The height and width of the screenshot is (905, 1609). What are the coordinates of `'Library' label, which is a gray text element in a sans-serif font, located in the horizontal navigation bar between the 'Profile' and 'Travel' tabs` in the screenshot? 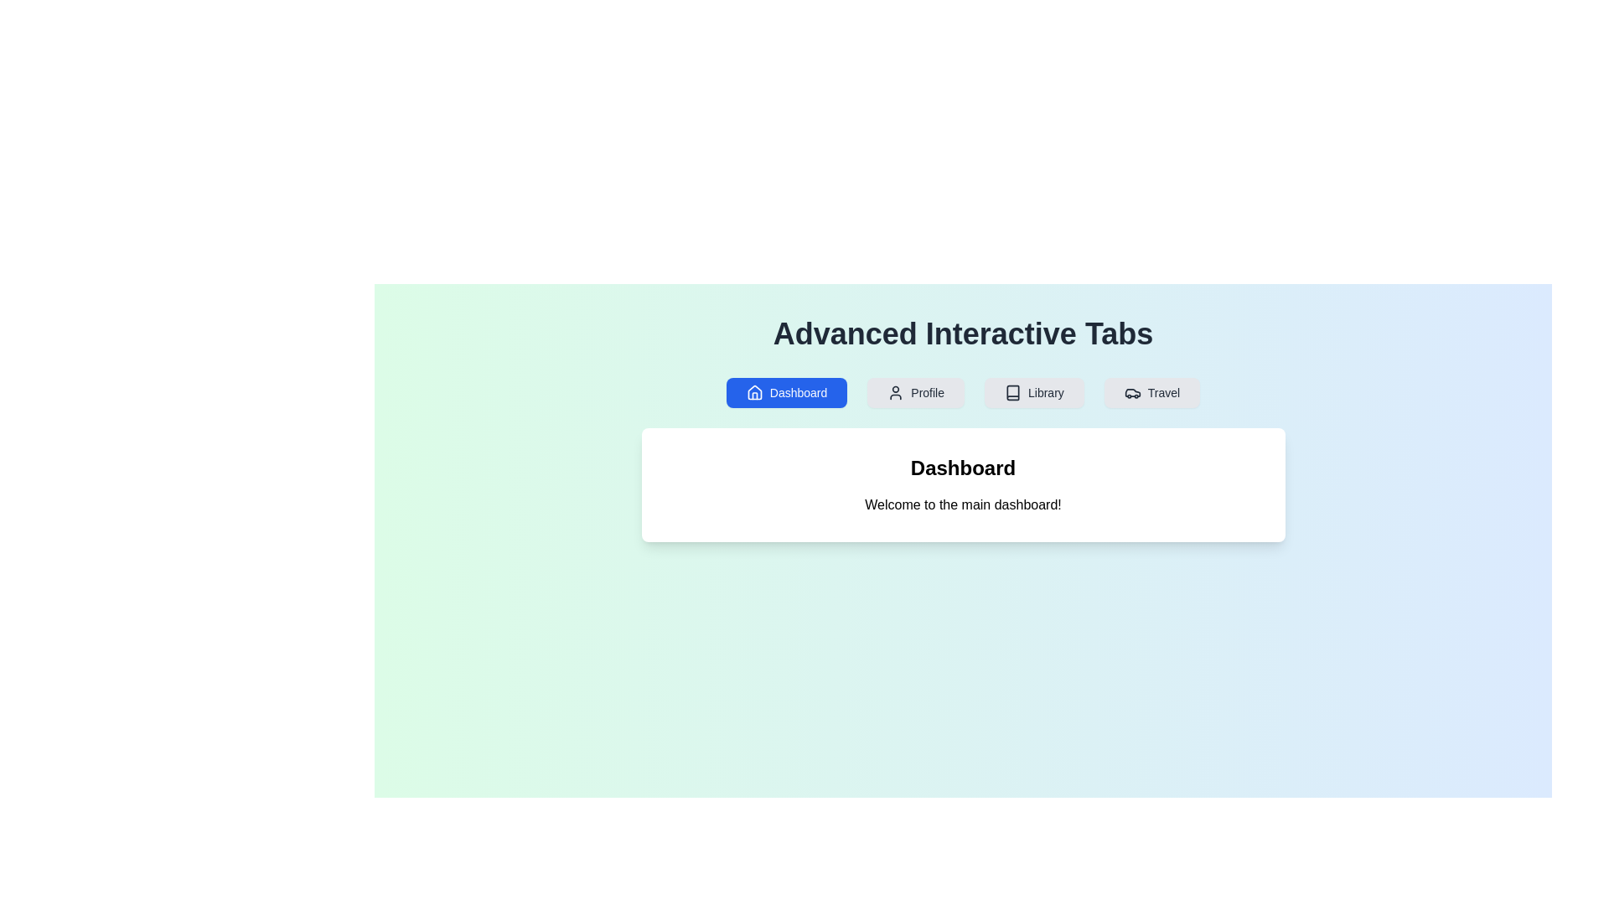 It's located at (1045, 393).